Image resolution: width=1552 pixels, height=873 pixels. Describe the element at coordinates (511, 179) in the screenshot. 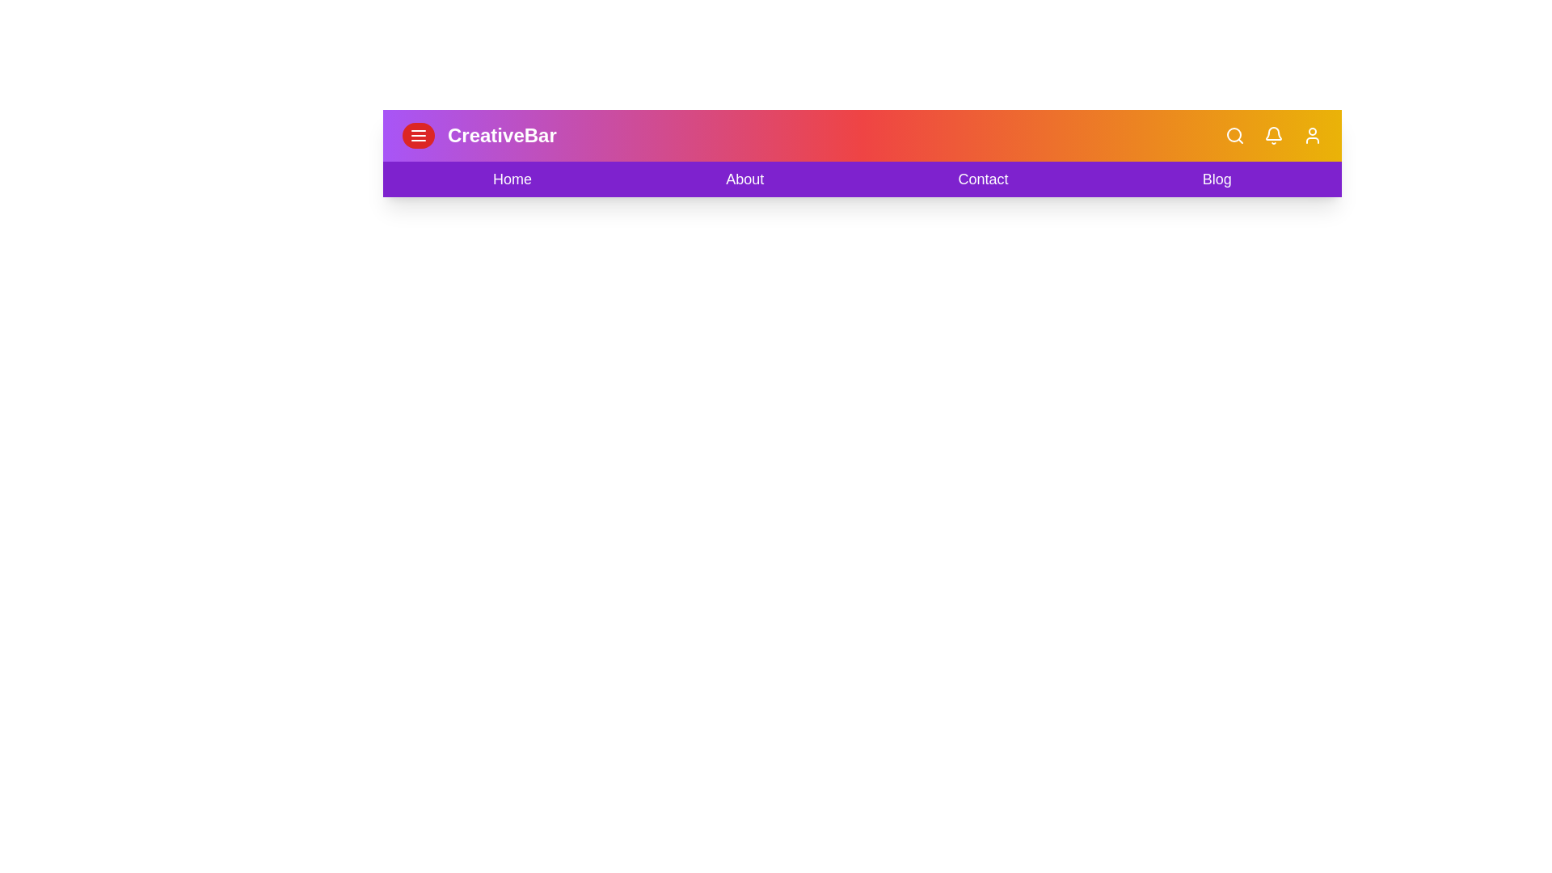

I see `the menu item Home to observe its hover effect` at that location.